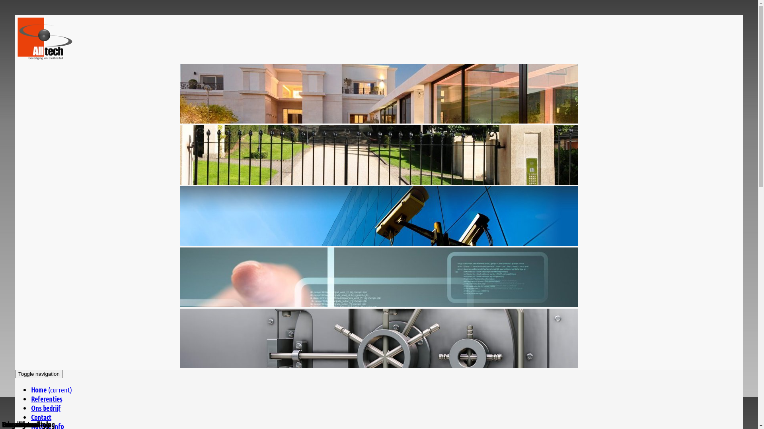 The height and width of the screenshot is (429, 764). What do you see at coordinates (51, 389) in the screenshot?
I see `'Home (current)'` at bounding box center [51, 389].